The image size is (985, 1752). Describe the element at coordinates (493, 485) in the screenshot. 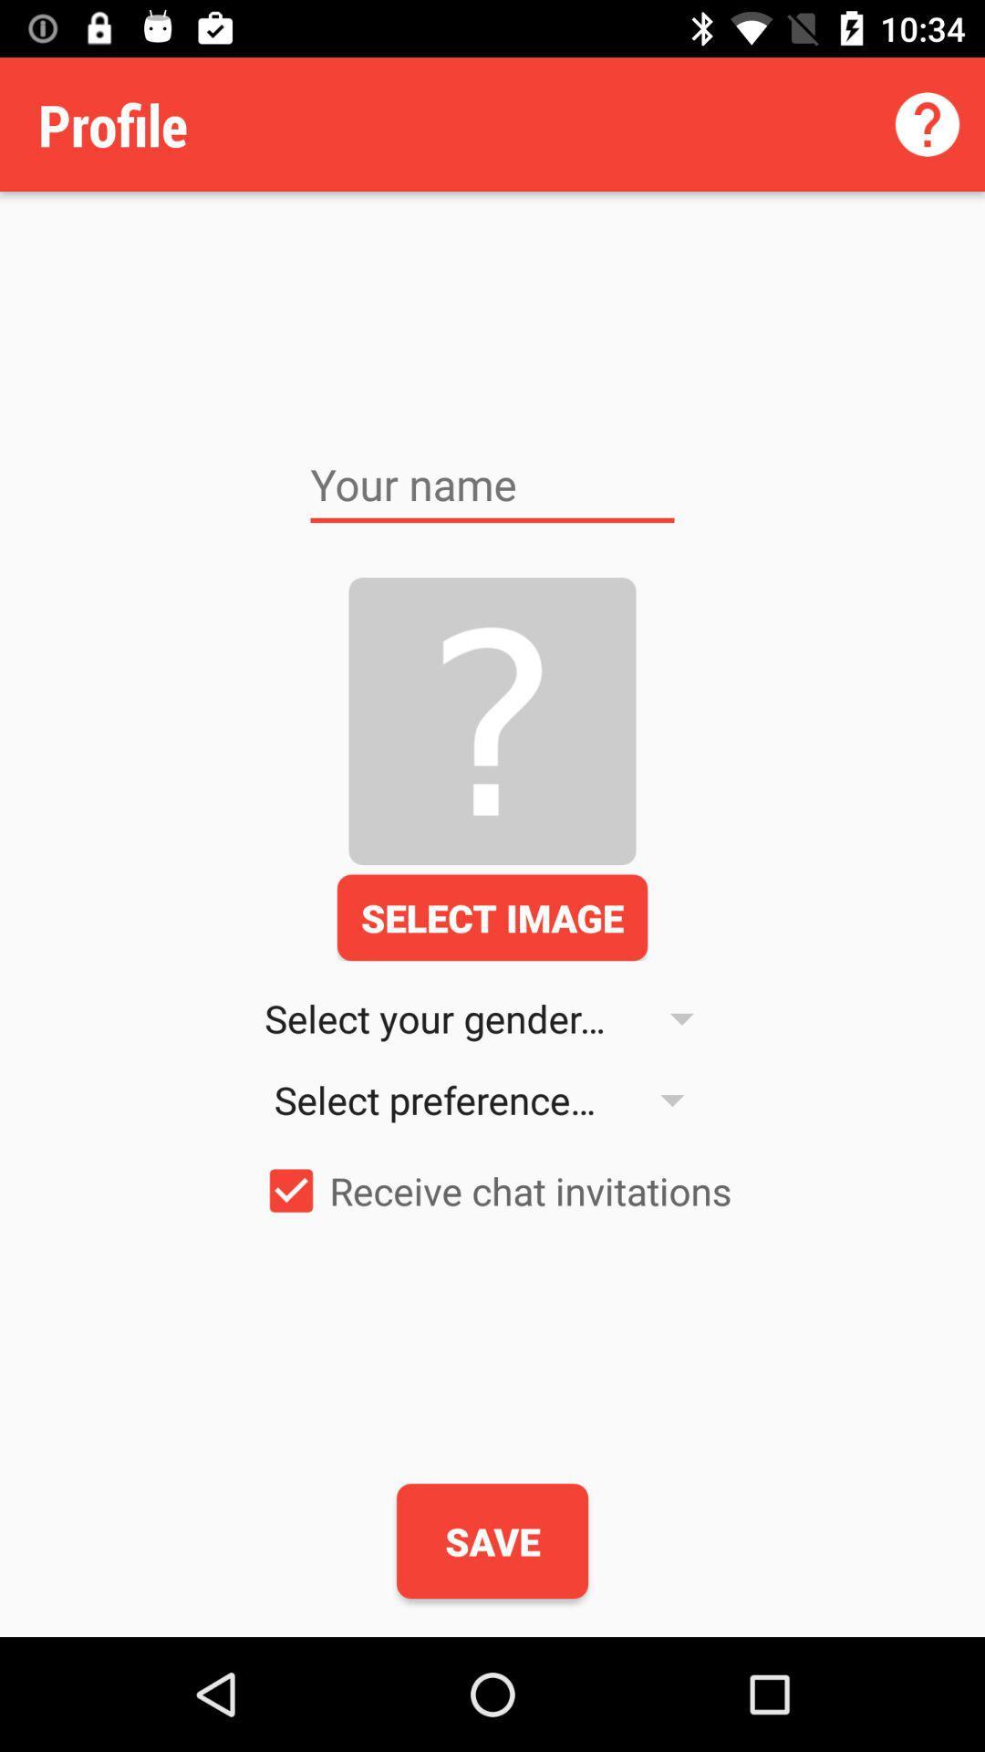

I see `you name` at that location.